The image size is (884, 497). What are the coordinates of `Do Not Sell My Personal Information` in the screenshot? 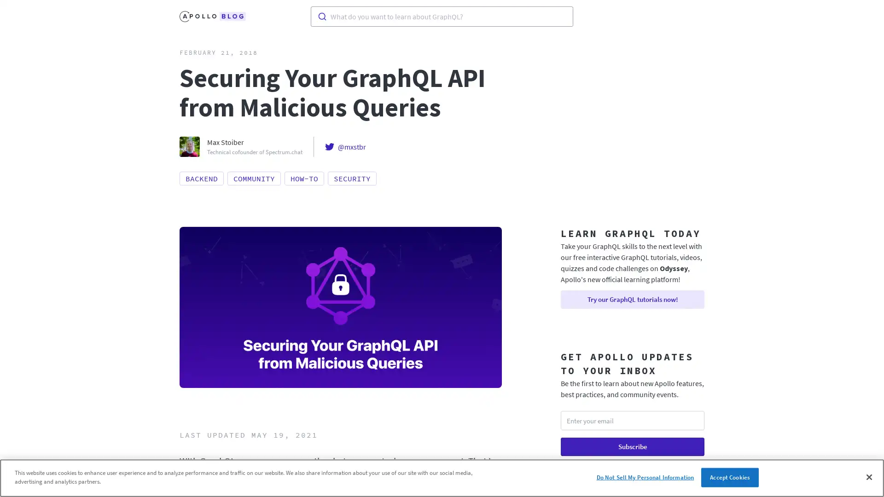 It's located at (645, 477).